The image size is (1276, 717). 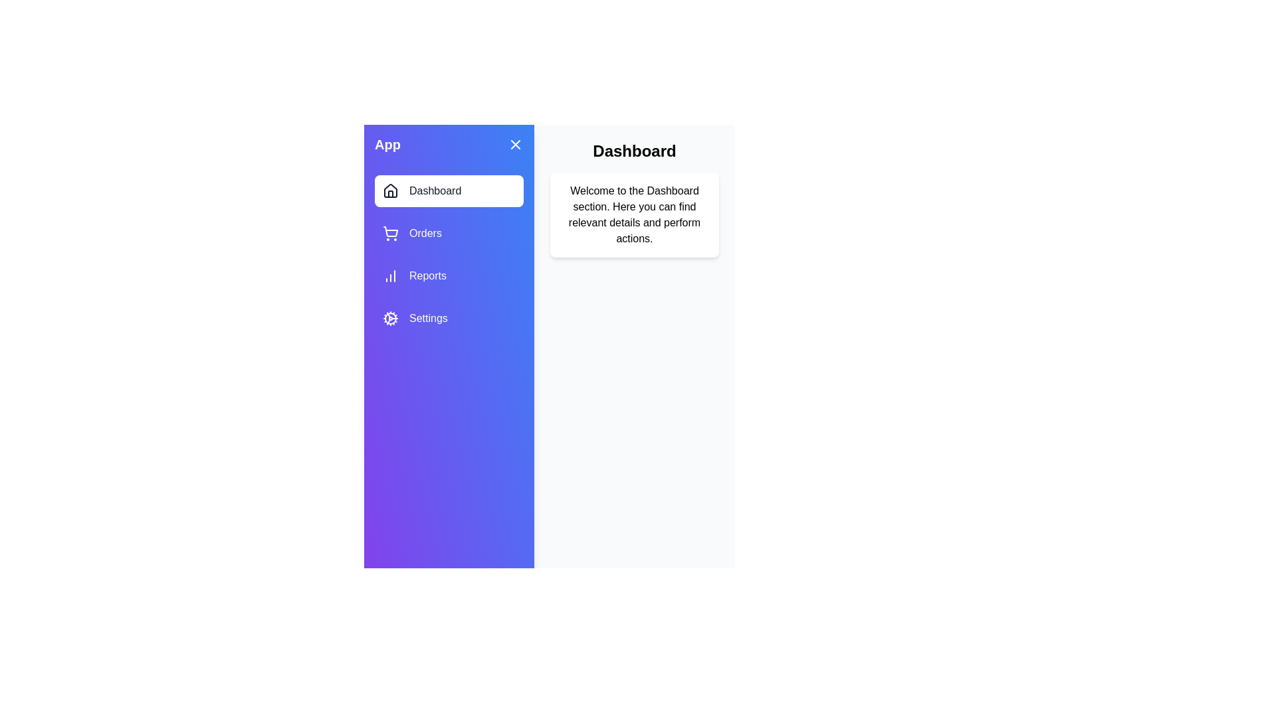 What do you see at coordinates (449, 232) in the screenshot?
I see `the Orders section by clicking on its corresponding navigation item` at bounding box center [449, 232].